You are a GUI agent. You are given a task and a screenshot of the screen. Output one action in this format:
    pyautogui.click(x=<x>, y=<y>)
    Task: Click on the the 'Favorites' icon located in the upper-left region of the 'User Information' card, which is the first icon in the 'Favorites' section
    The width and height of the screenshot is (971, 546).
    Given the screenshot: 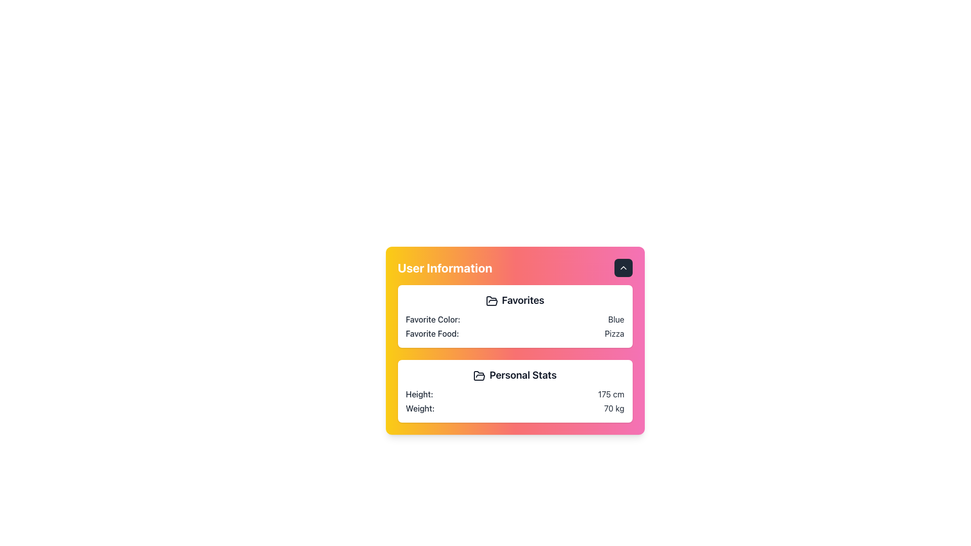 What is the action you would take?
    pyautogui.click(x=492, y=300)
    